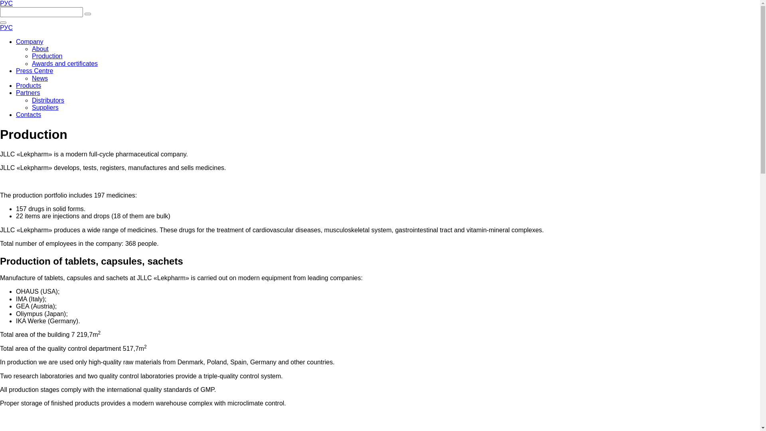  What do you see at coordinates (34, 70) in the screenshot?
I see `'Press Centre'` at bounding box center [34, 70].